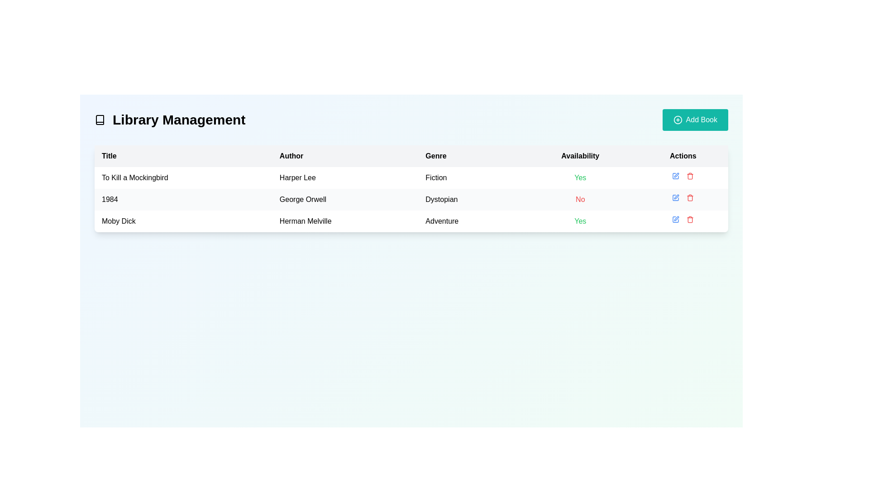  I want to click on the delete icon button located in the 'Actions' column of the last row for the book 'Moby Dick', so click(690, 220).